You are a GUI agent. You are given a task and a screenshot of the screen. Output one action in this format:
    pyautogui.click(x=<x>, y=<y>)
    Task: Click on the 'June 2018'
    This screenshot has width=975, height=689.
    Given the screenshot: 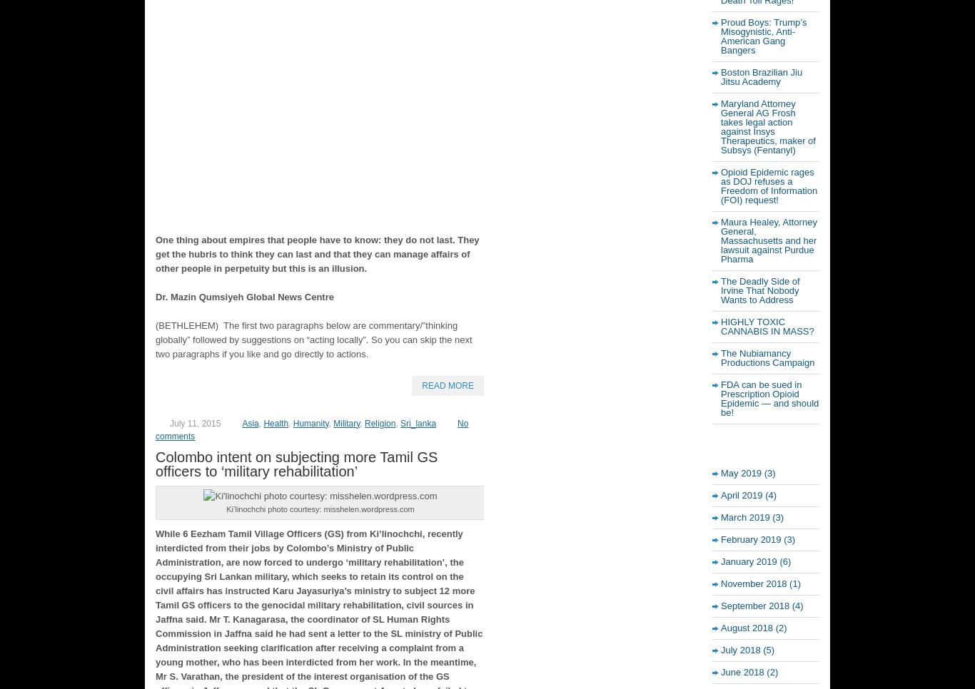 What is the action you would take?
    pyautogui.click(x=741, y=672)
    